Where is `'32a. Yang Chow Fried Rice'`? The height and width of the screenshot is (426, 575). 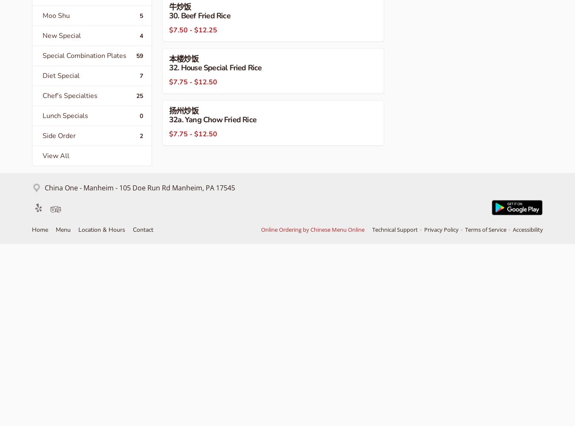
'32a. Yang Chow Fried Rice' is located at coordinates (212, 120).